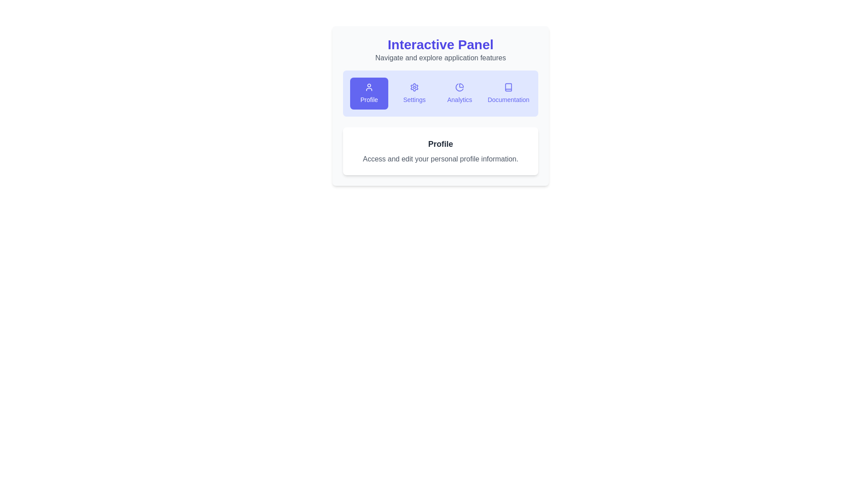 The height and width of the screenshot is (479, 852). What do you see at coordinates (369, 87) in the screenshot?
I see `the 'Profile' icon located on the leftmost side of the button toolbar` at bounding box center [369, 87].